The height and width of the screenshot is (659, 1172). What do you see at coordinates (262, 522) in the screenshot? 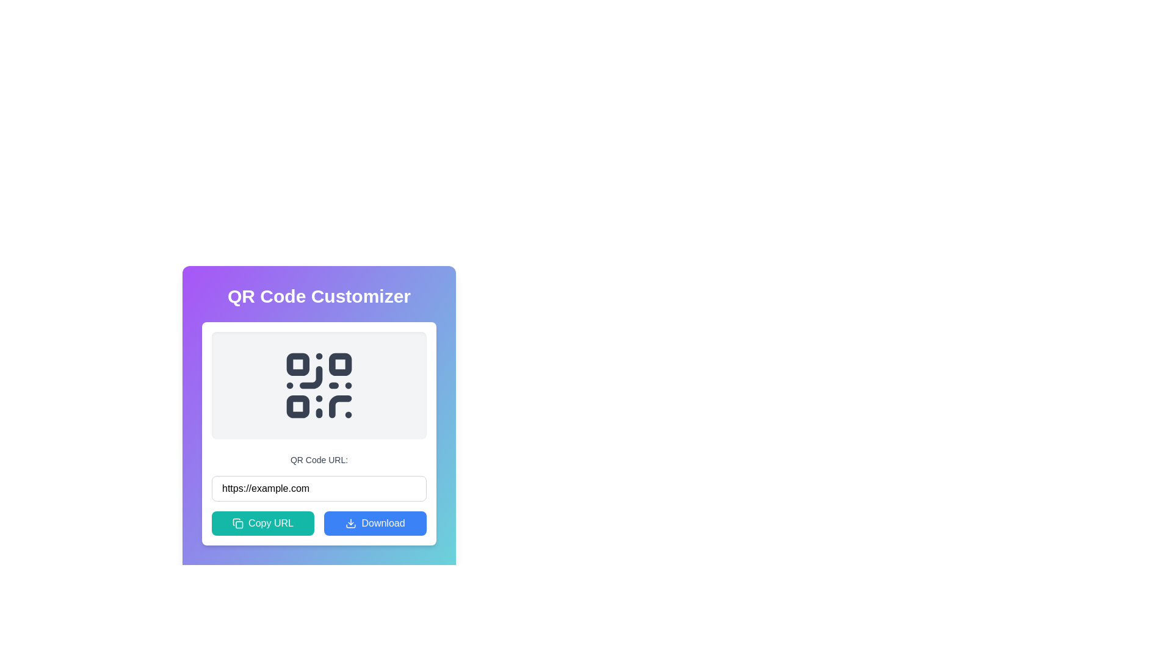
I see `the 'Copy URL' button, which is a teal rectangular button with rounded corners and white text` at bounding box center [262, 522].